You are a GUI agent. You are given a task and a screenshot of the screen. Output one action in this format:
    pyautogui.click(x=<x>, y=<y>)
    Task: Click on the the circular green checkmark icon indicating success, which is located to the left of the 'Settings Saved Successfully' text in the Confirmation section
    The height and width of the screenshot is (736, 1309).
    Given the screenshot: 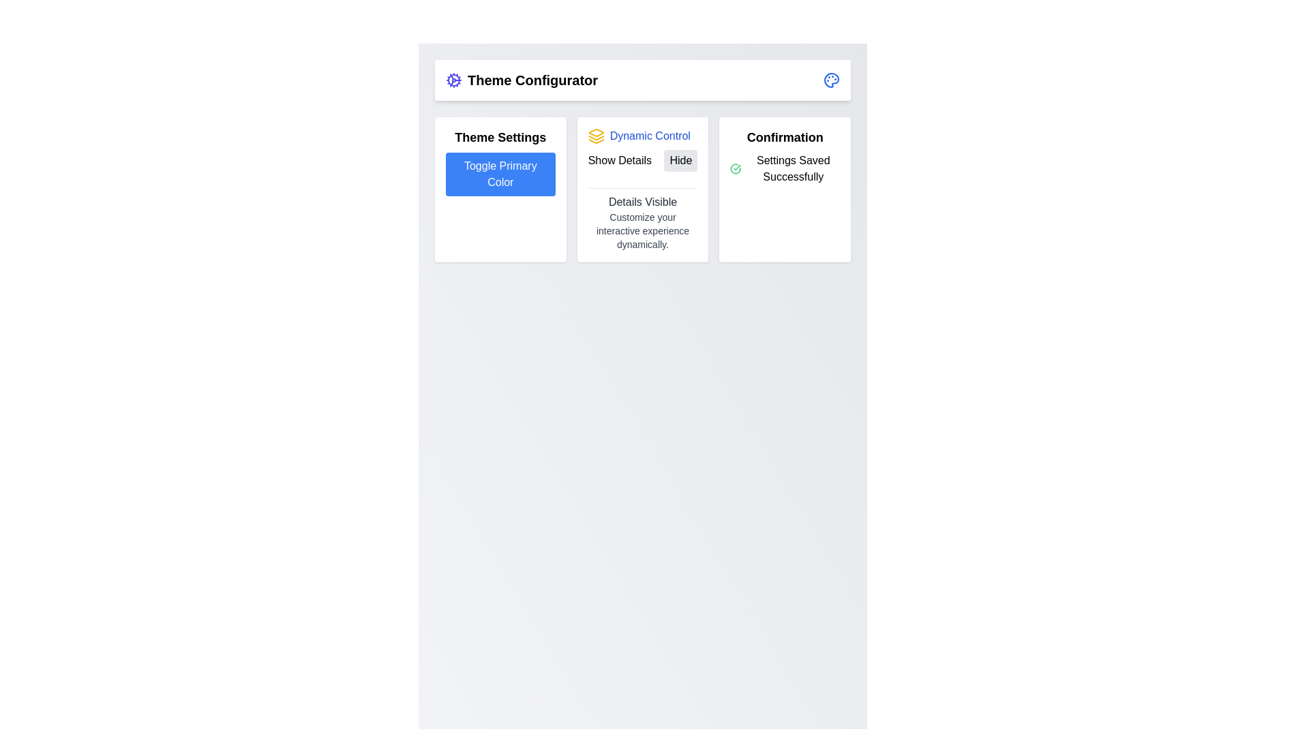 What is the action you would take?
    pyautogui.click(x=735, y=168)
    